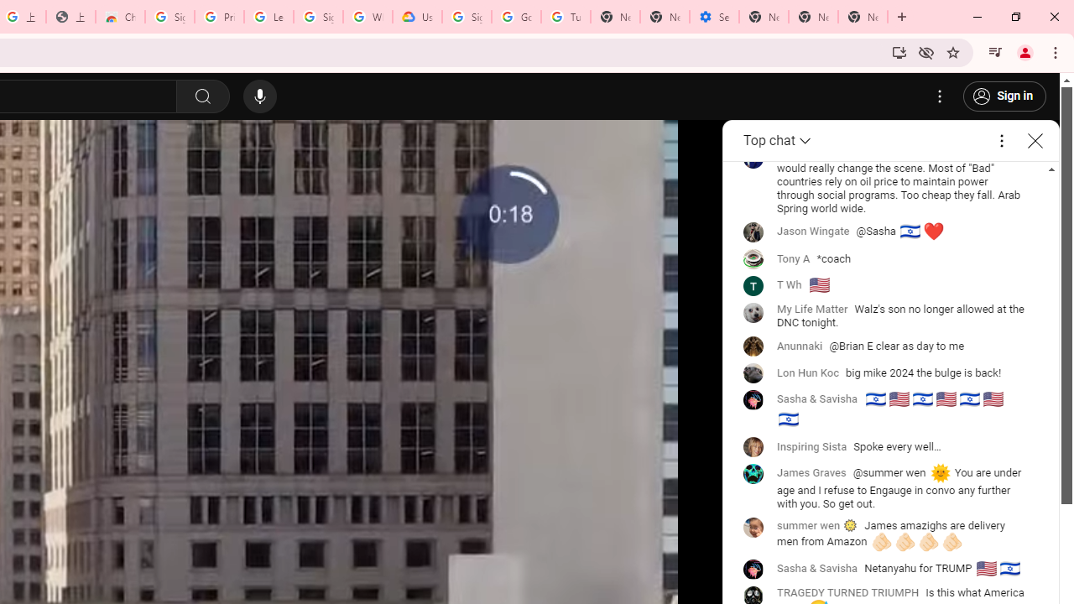 This screenshot has height=604, width=1074. I want to click on 'Install YouTube', so click(899, 51).